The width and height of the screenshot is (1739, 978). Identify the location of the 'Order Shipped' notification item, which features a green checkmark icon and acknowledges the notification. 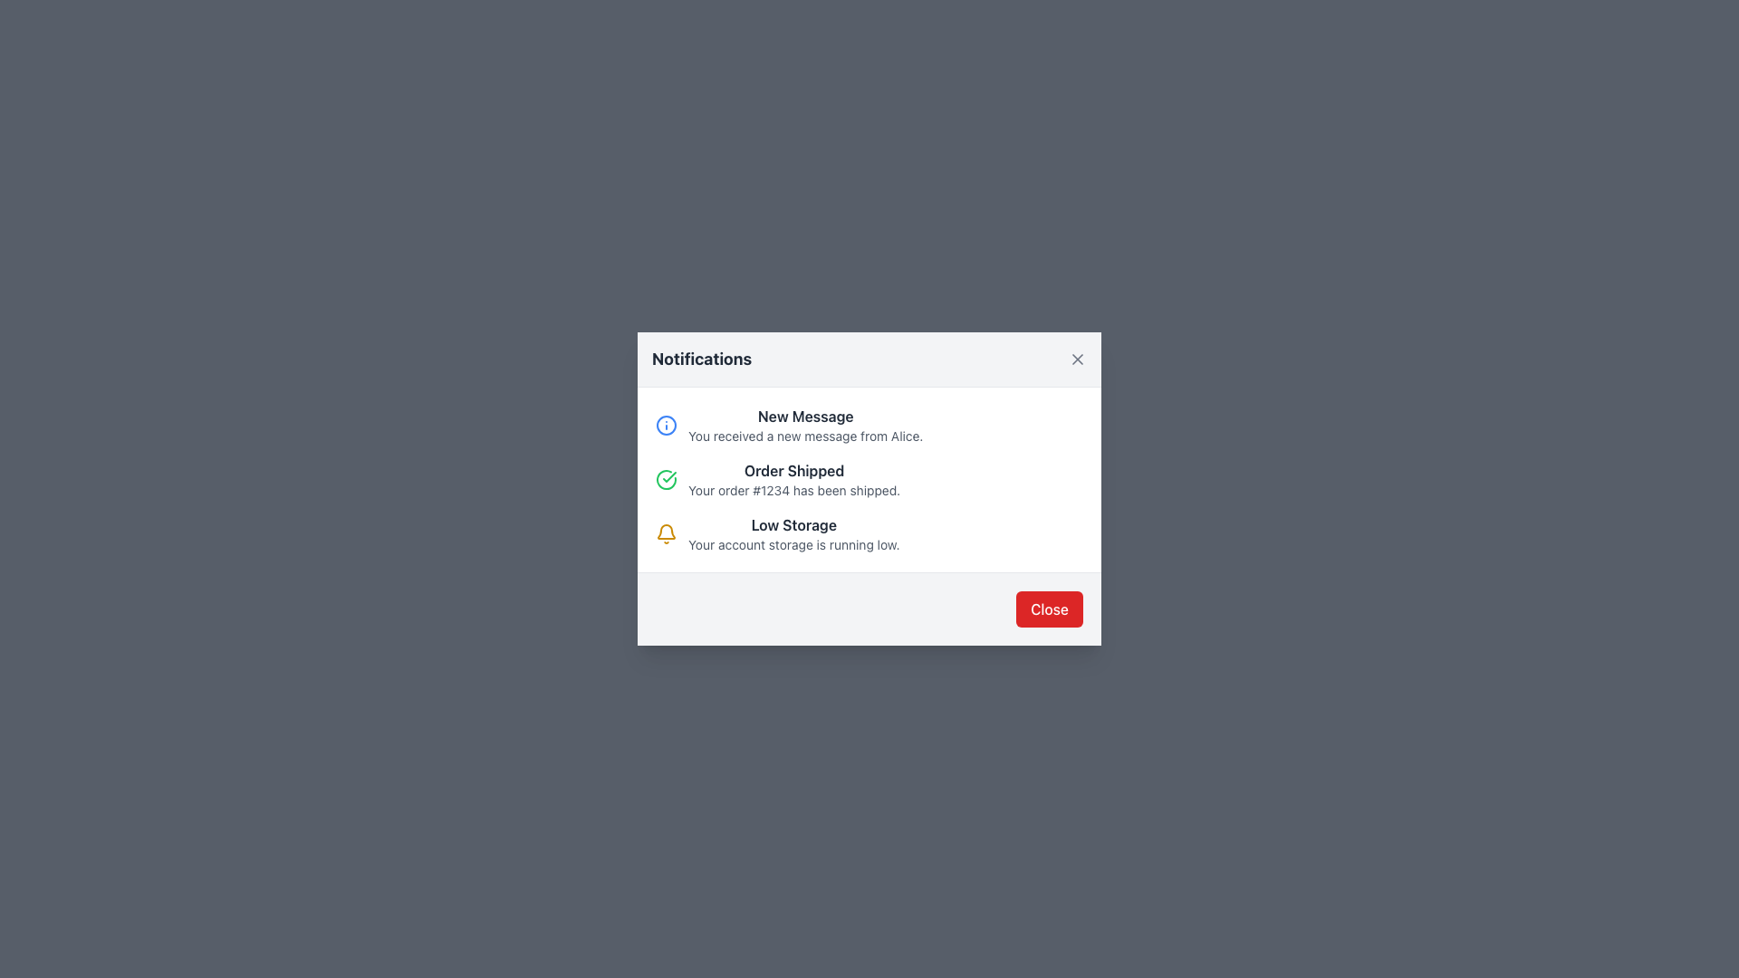
(869, 478).